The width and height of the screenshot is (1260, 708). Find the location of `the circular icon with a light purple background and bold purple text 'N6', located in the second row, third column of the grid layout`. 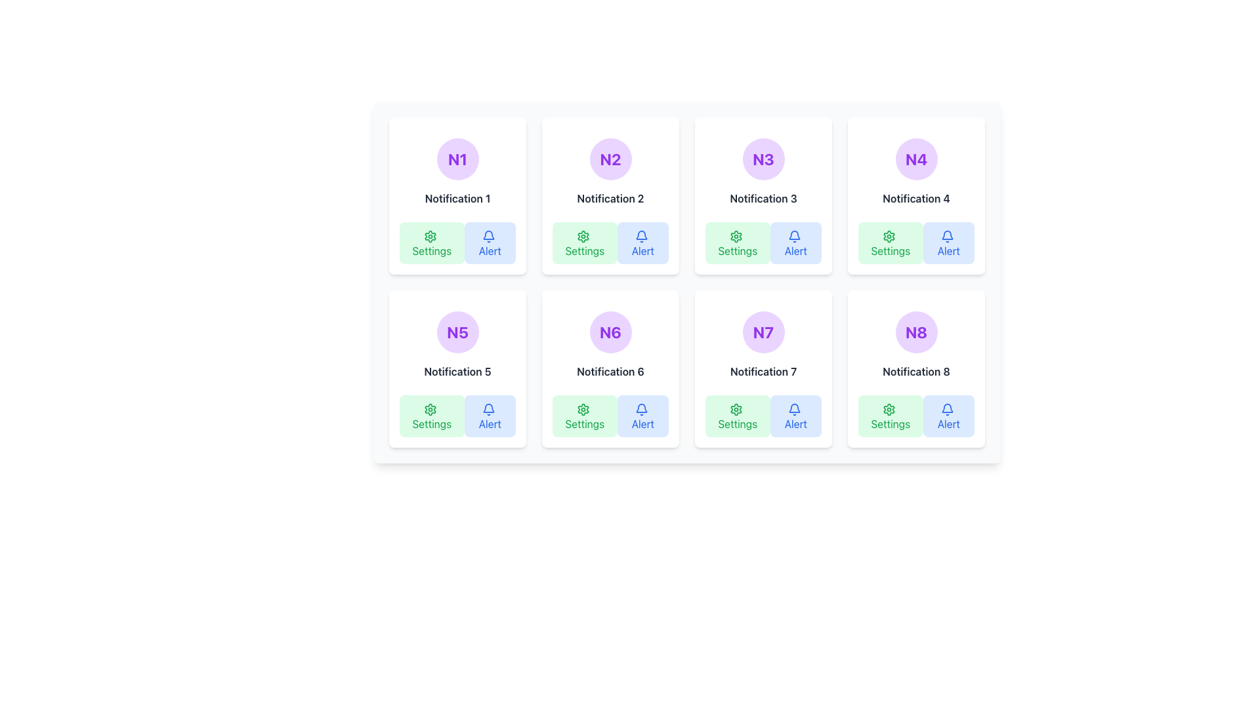

the circular icon with a light purple background and bold purple text 'N6', located in the second row, third column of the grid layout is located at coordinates (610, 331).